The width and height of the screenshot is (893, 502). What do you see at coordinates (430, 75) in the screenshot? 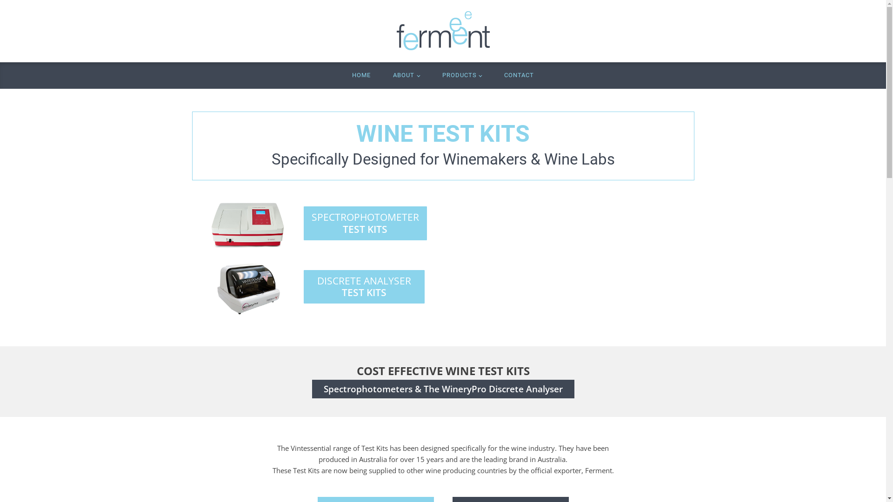
I see `'PRODUCTS'` at bounding box center [430, 75].